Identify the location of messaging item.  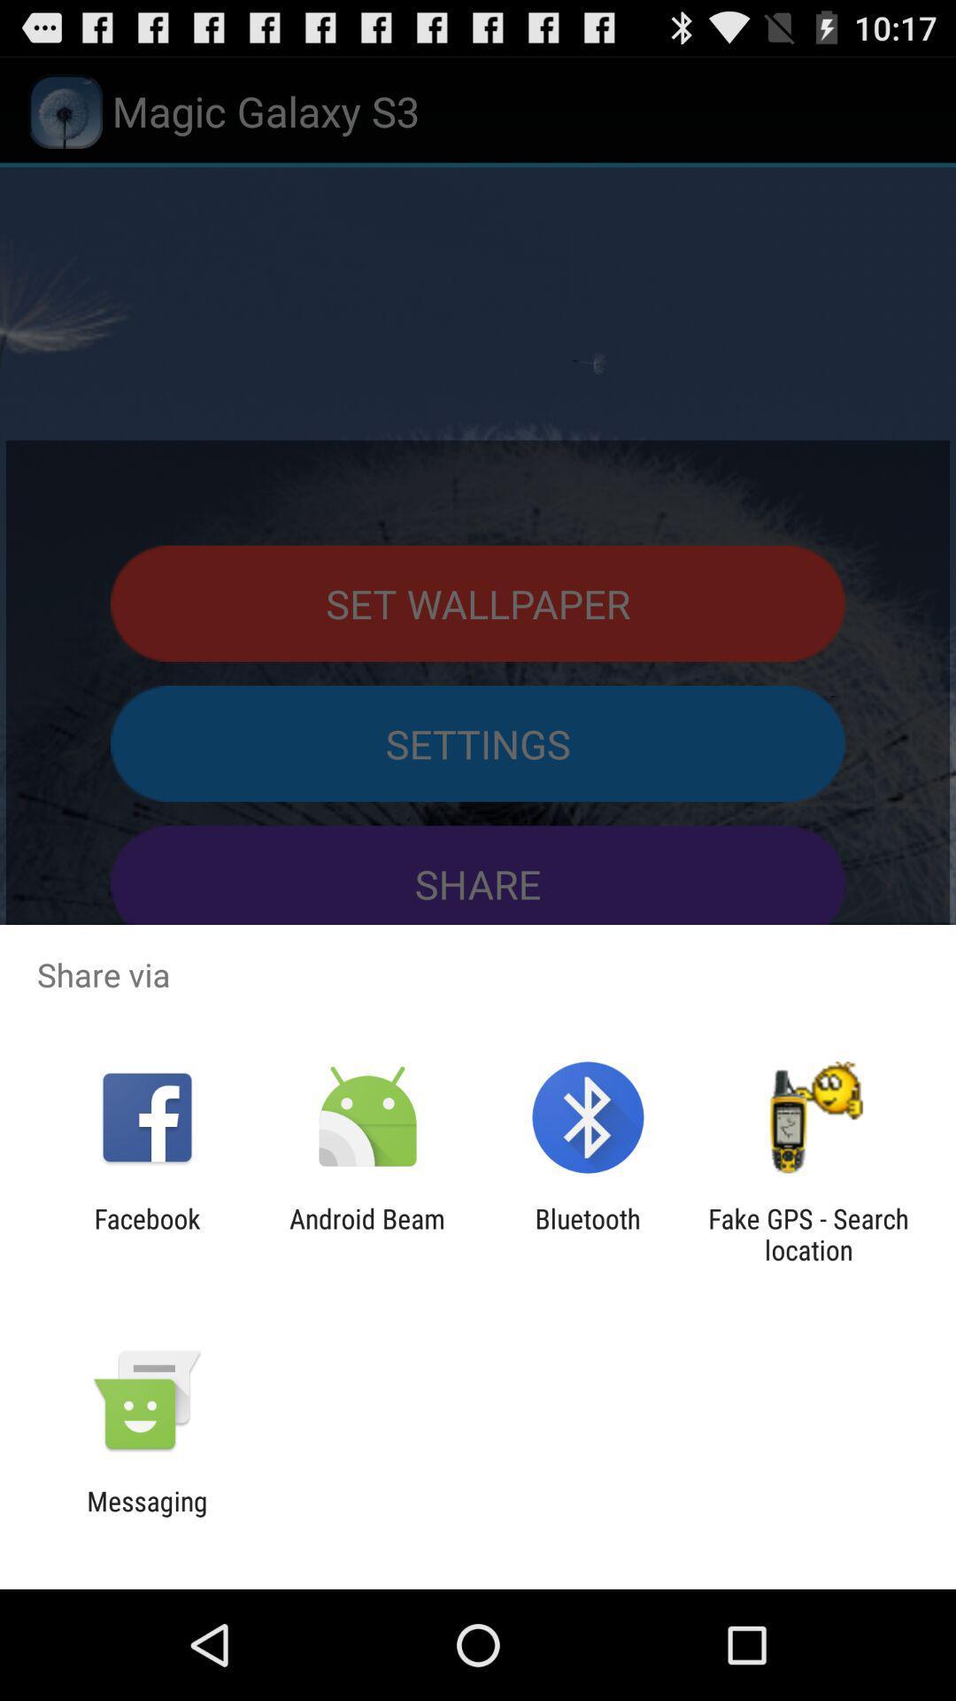
(146, 1516).